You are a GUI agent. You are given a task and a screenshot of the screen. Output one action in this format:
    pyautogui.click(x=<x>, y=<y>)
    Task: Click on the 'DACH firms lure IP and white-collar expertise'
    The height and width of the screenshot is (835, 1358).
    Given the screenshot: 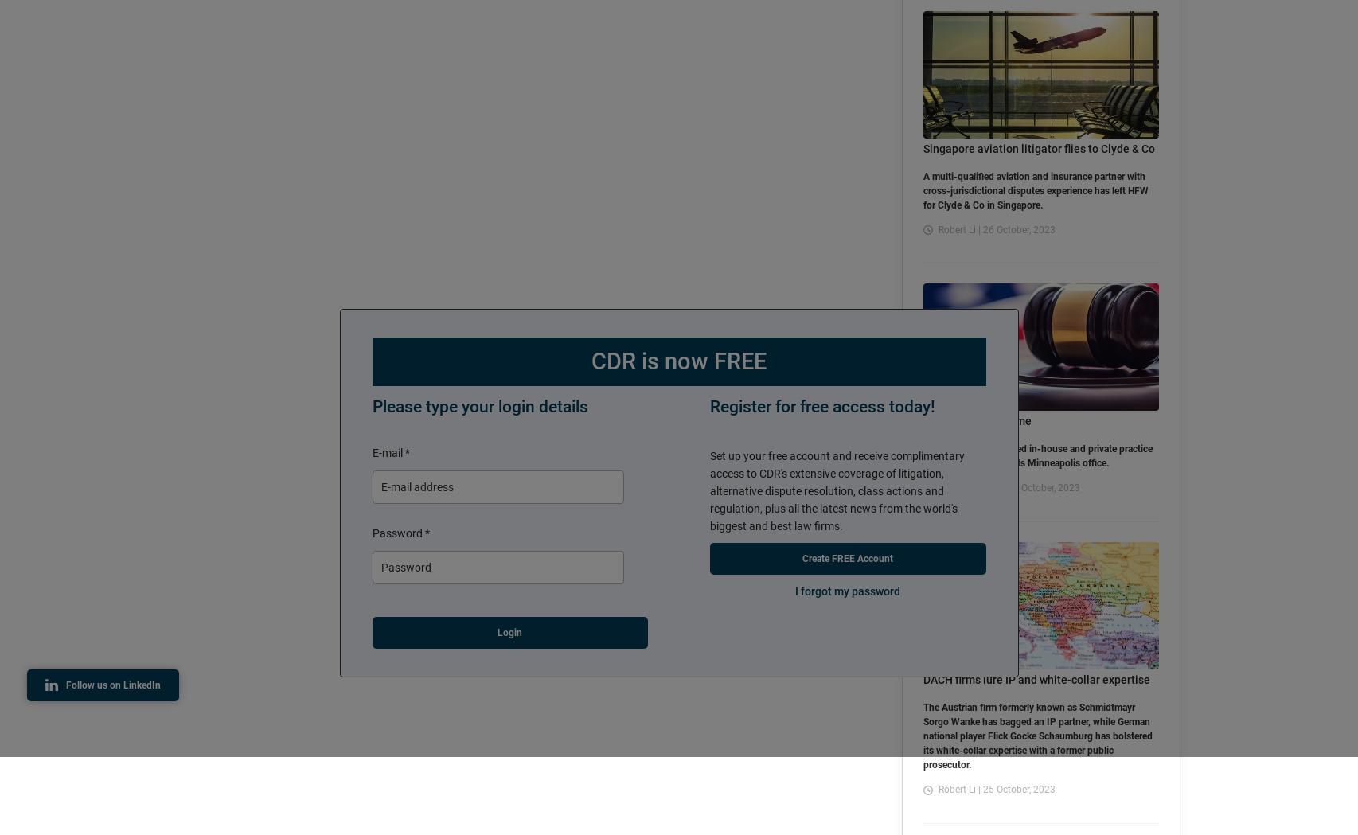 What is the action you would take?
    pyautogui.click(x=1036, y=679)
    